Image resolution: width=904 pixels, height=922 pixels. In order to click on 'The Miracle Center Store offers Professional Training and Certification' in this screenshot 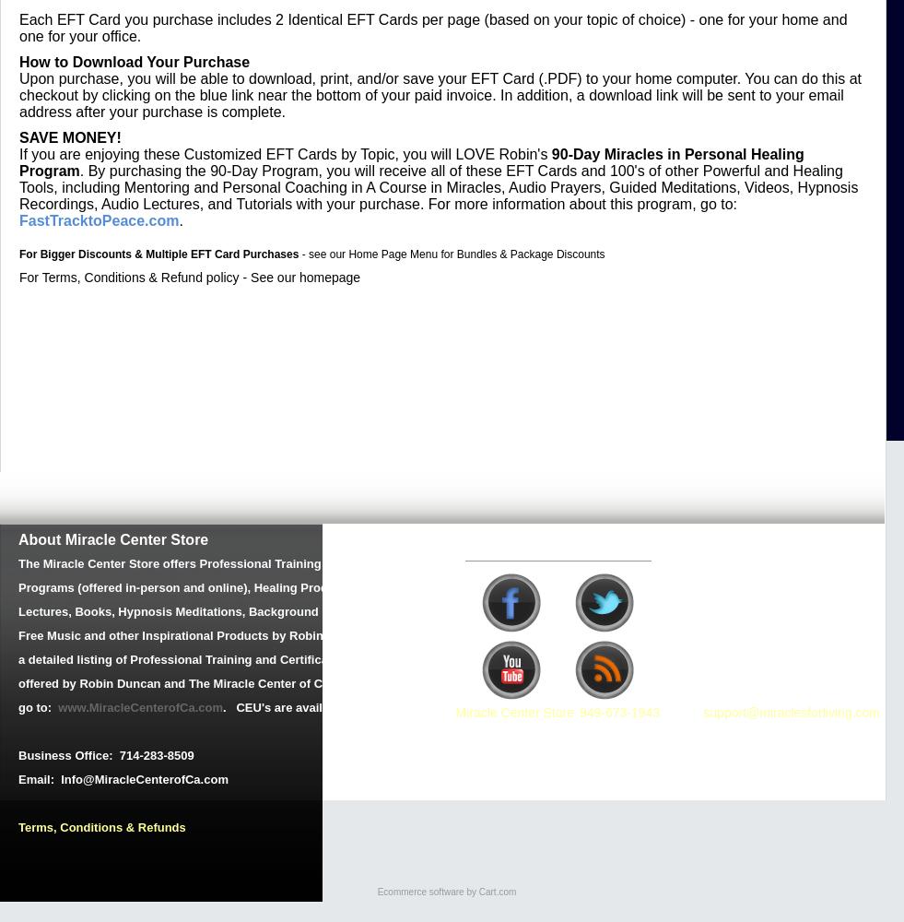, I will do `click(217, 562)`.